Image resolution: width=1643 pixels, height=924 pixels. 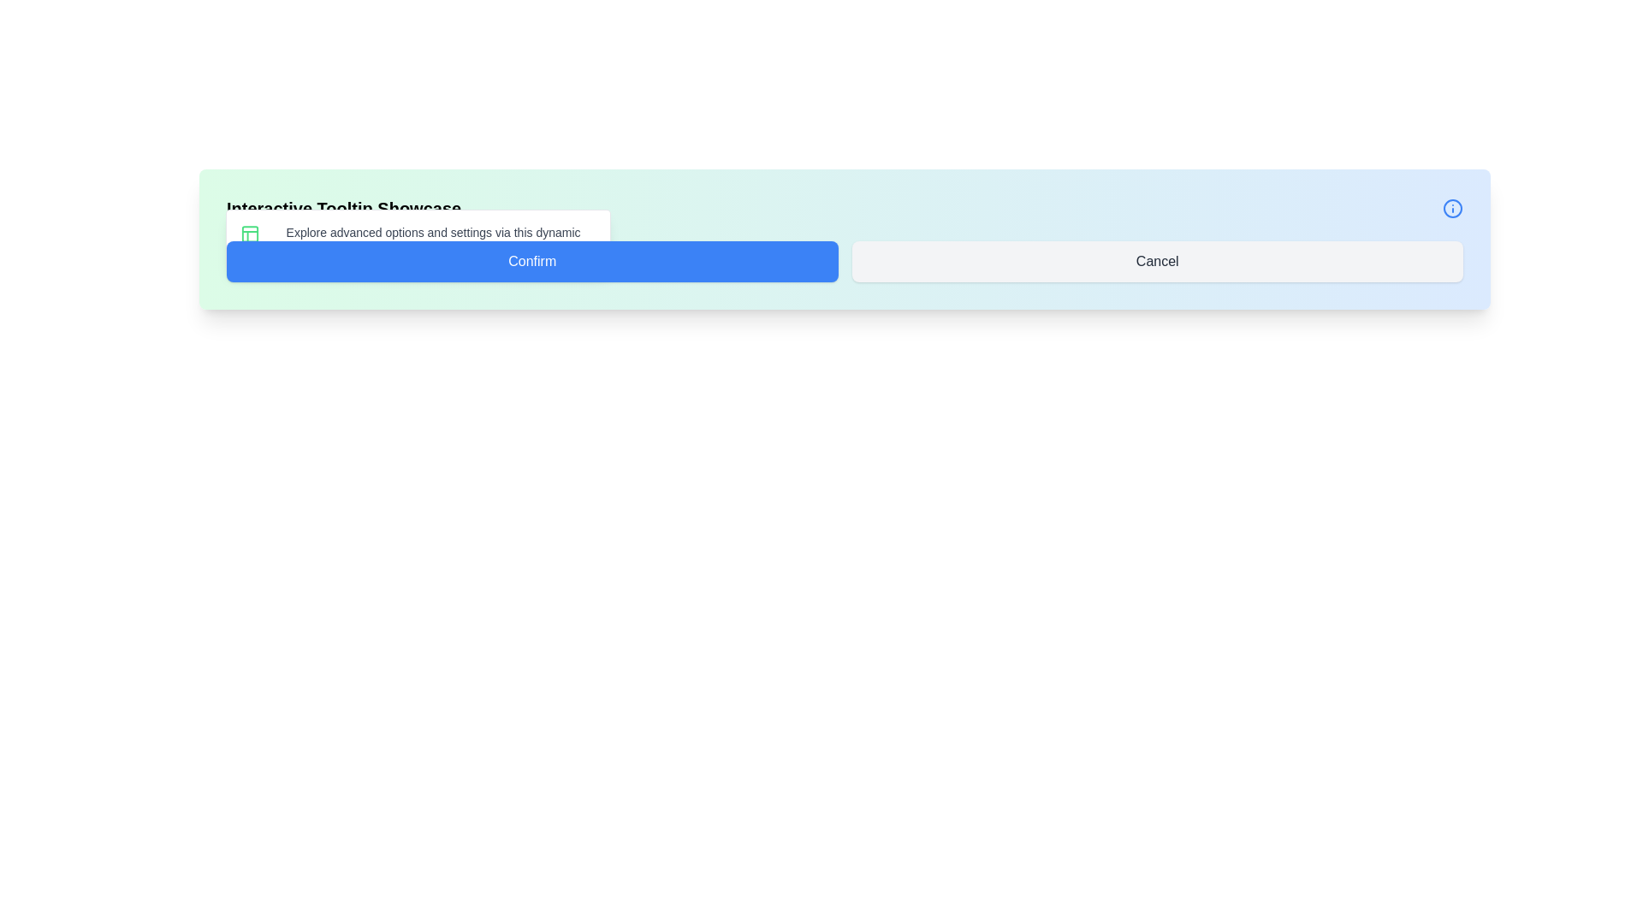 What do you see at coordinates (418, 240) in the screenshot?
I see `the descriptive text element that provides guidance about the options or settings feature, located above the 'Confirm' button and adjacent to an icon` at bounding box center [418, 240].